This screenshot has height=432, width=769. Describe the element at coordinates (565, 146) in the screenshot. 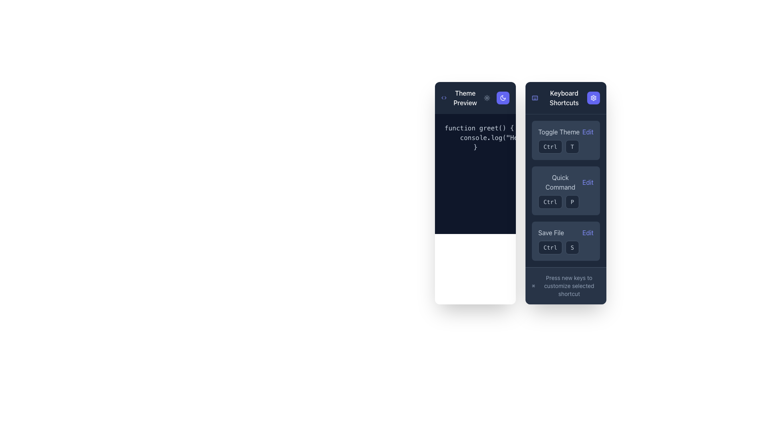

I see `keyboard shortcut indicator displaying 'Ctrl + T' for toggling the theme setting, located under 'Toggle Theme Edit' in the 'Keyboard Shortcuts' panel` at that location.